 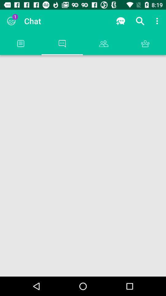 What do you see at coordinates (11, 21) in the screenshot?
I see `the app next to chat item` at bounding box center [11, 21].